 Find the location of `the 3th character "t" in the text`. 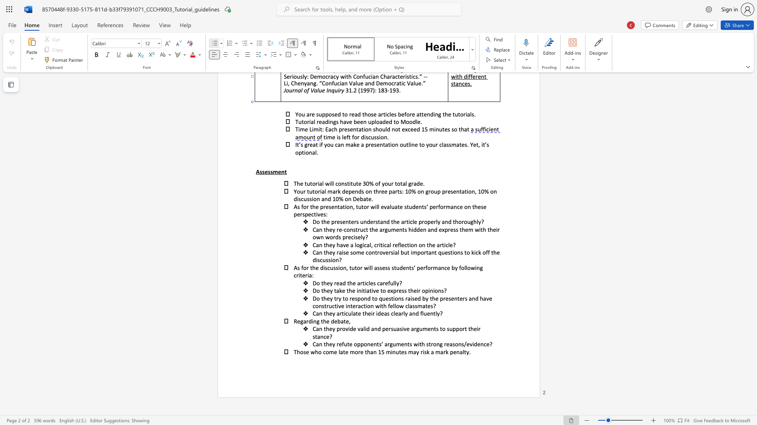

the 3th character "t" in the text is located at coordinates (343, 298).